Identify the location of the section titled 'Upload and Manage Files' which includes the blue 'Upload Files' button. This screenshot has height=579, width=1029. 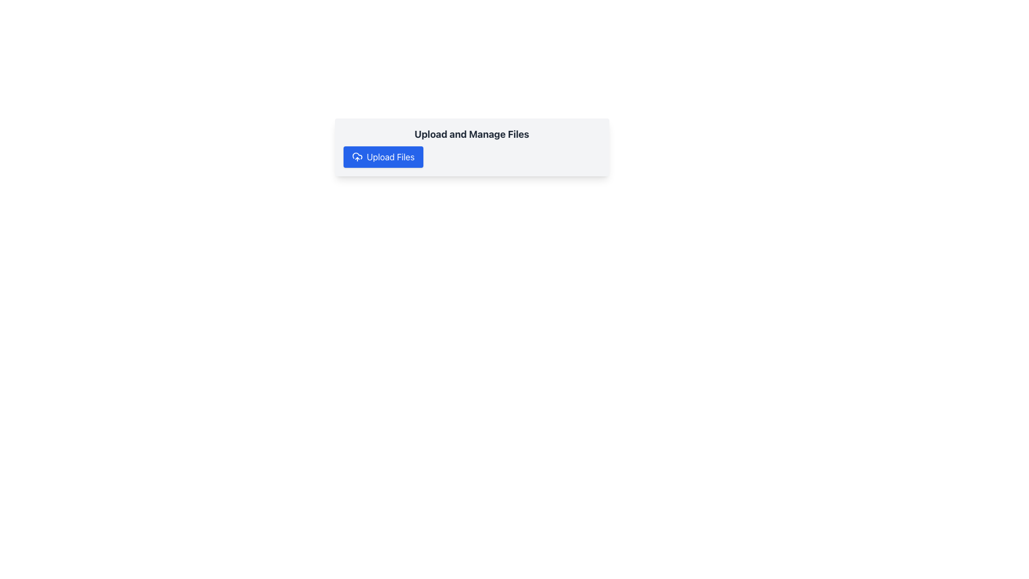
(472, 147).